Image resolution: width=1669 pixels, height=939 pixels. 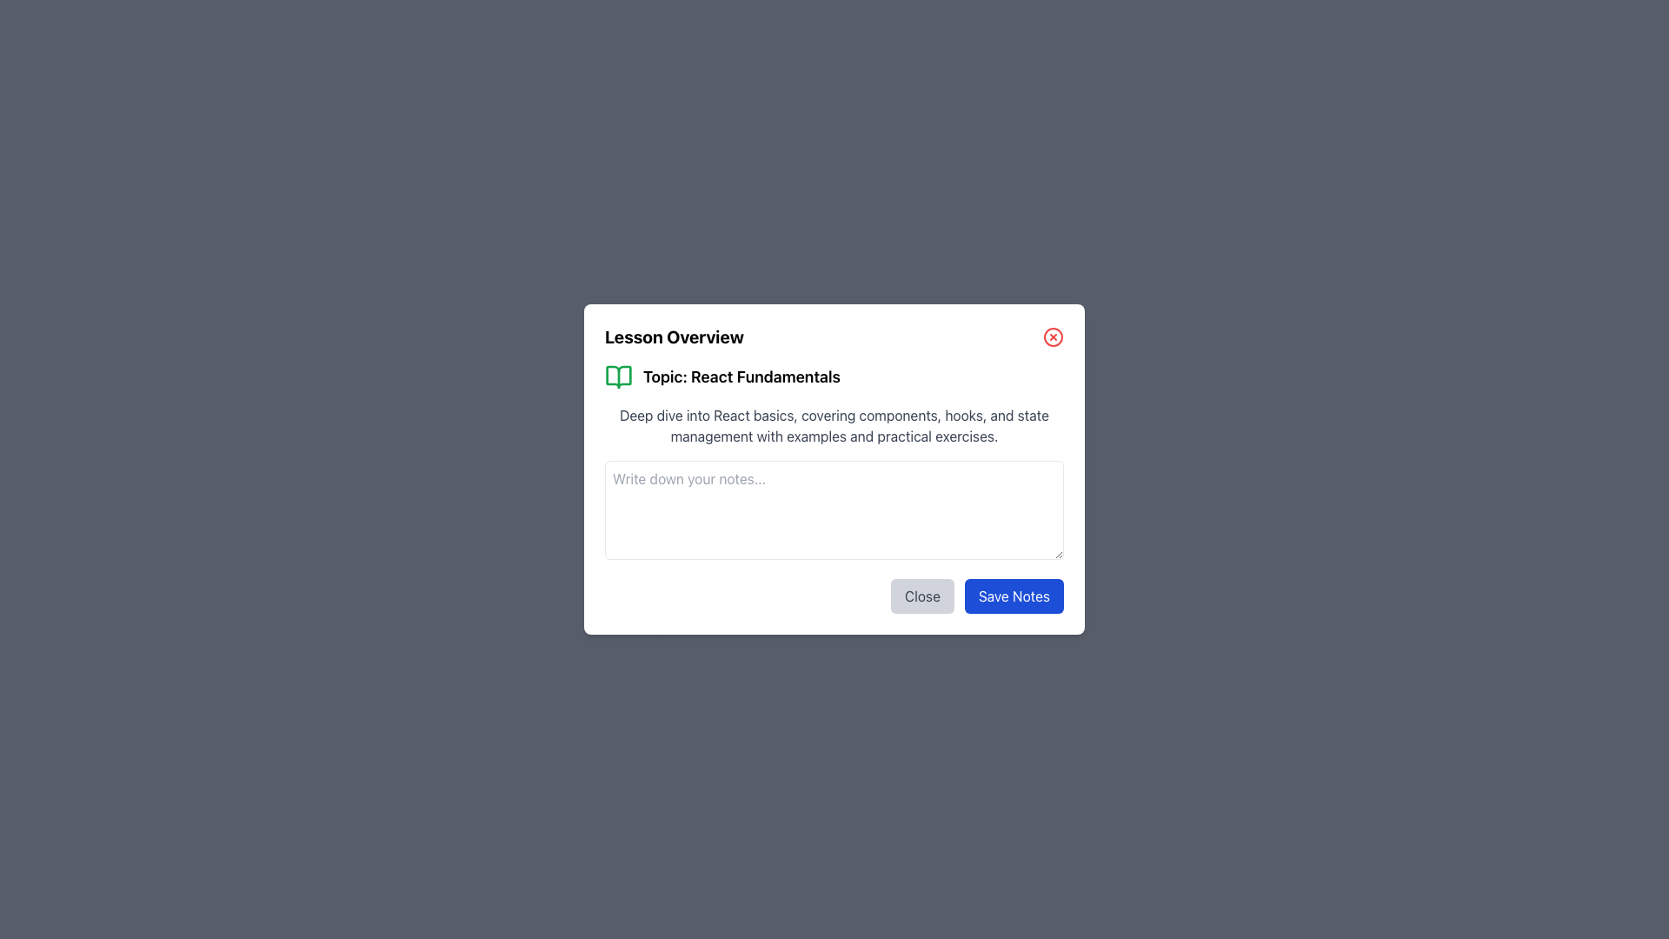 What do you see at coordinates (1052, 337) in the screenshot?
I see `the red circular close button with an 'X' symbol located at the top-right corner of the modal window` at bounding box center [1052, 337].